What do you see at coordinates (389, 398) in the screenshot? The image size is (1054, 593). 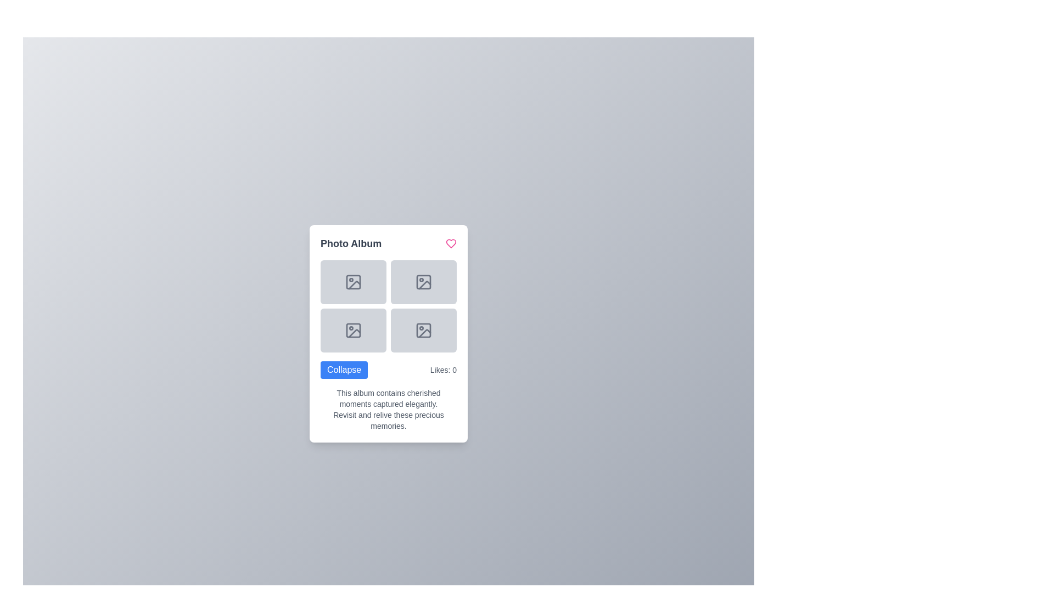 I see `descriptive text provided in the static text block located at the bottom part of the card UI, which highlights the album's emotional and aesthetic significance` at bounding box center [389, 398].